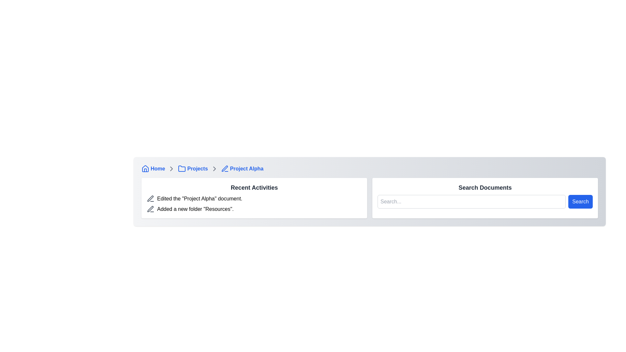 The image size is (626, 352). Describe the element at coordinates (150, 198) in the screenshot. I see `the 'Project Alpha' icon in the breadcrumb navigation bar` at that location.